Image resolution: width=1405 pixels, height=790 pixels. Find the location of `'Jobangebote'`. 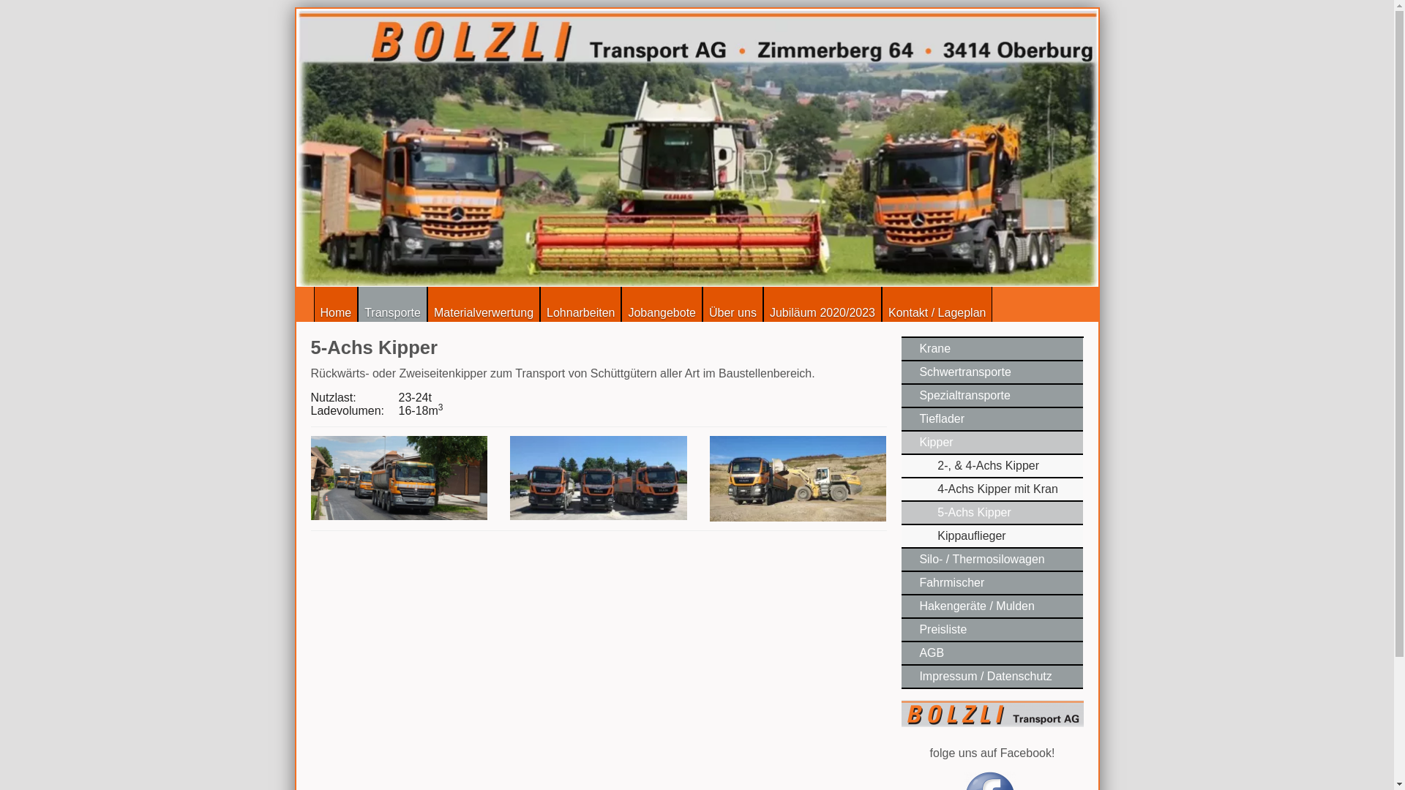

'Jobangebote' is located at coordinates (661, 304).